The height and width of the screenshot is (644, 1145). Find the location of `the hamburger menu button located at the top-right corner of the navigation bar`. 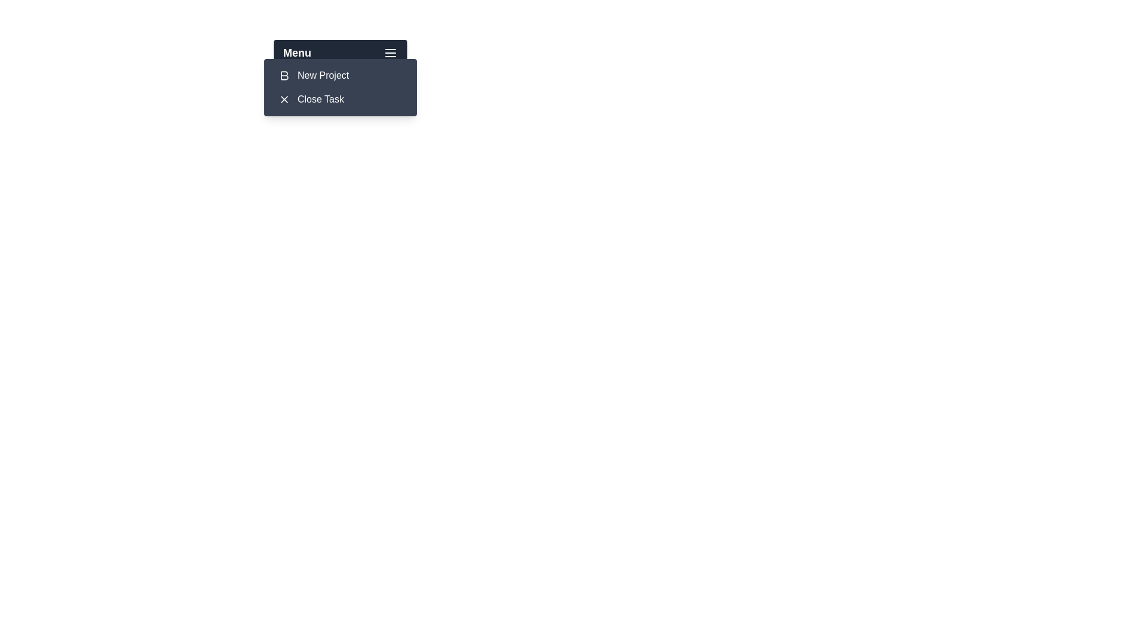

the hamburger menu button located at the top-right corner of the navigation bar is located at coordinates (390, 52).